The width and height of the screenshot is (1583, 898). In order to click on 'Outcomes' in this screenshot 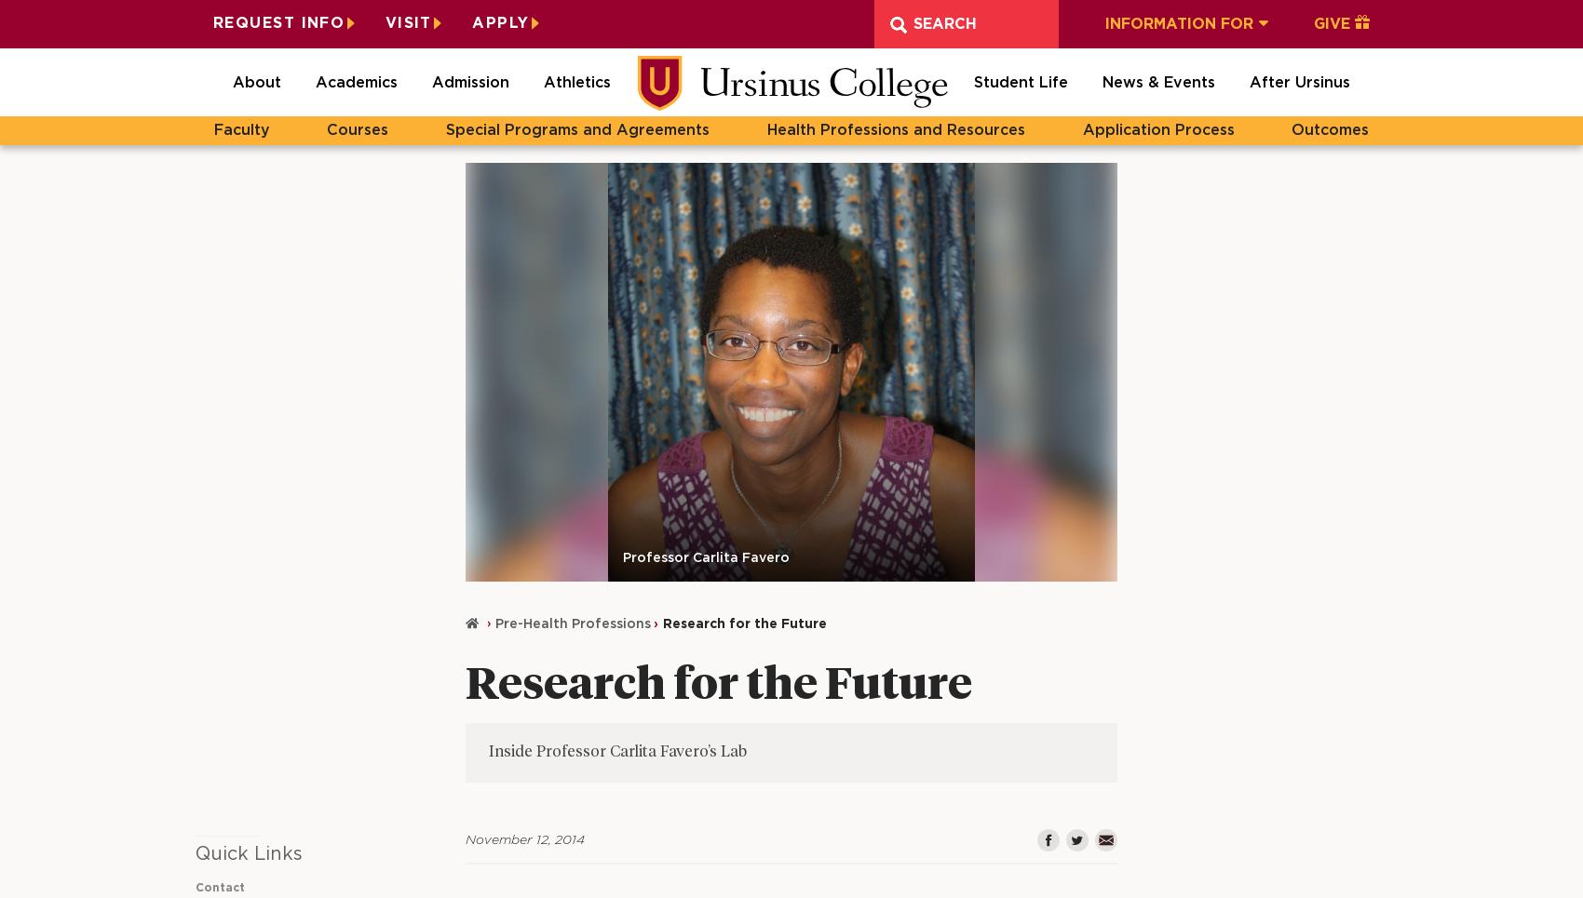, I will do `click(1329, 130)`.